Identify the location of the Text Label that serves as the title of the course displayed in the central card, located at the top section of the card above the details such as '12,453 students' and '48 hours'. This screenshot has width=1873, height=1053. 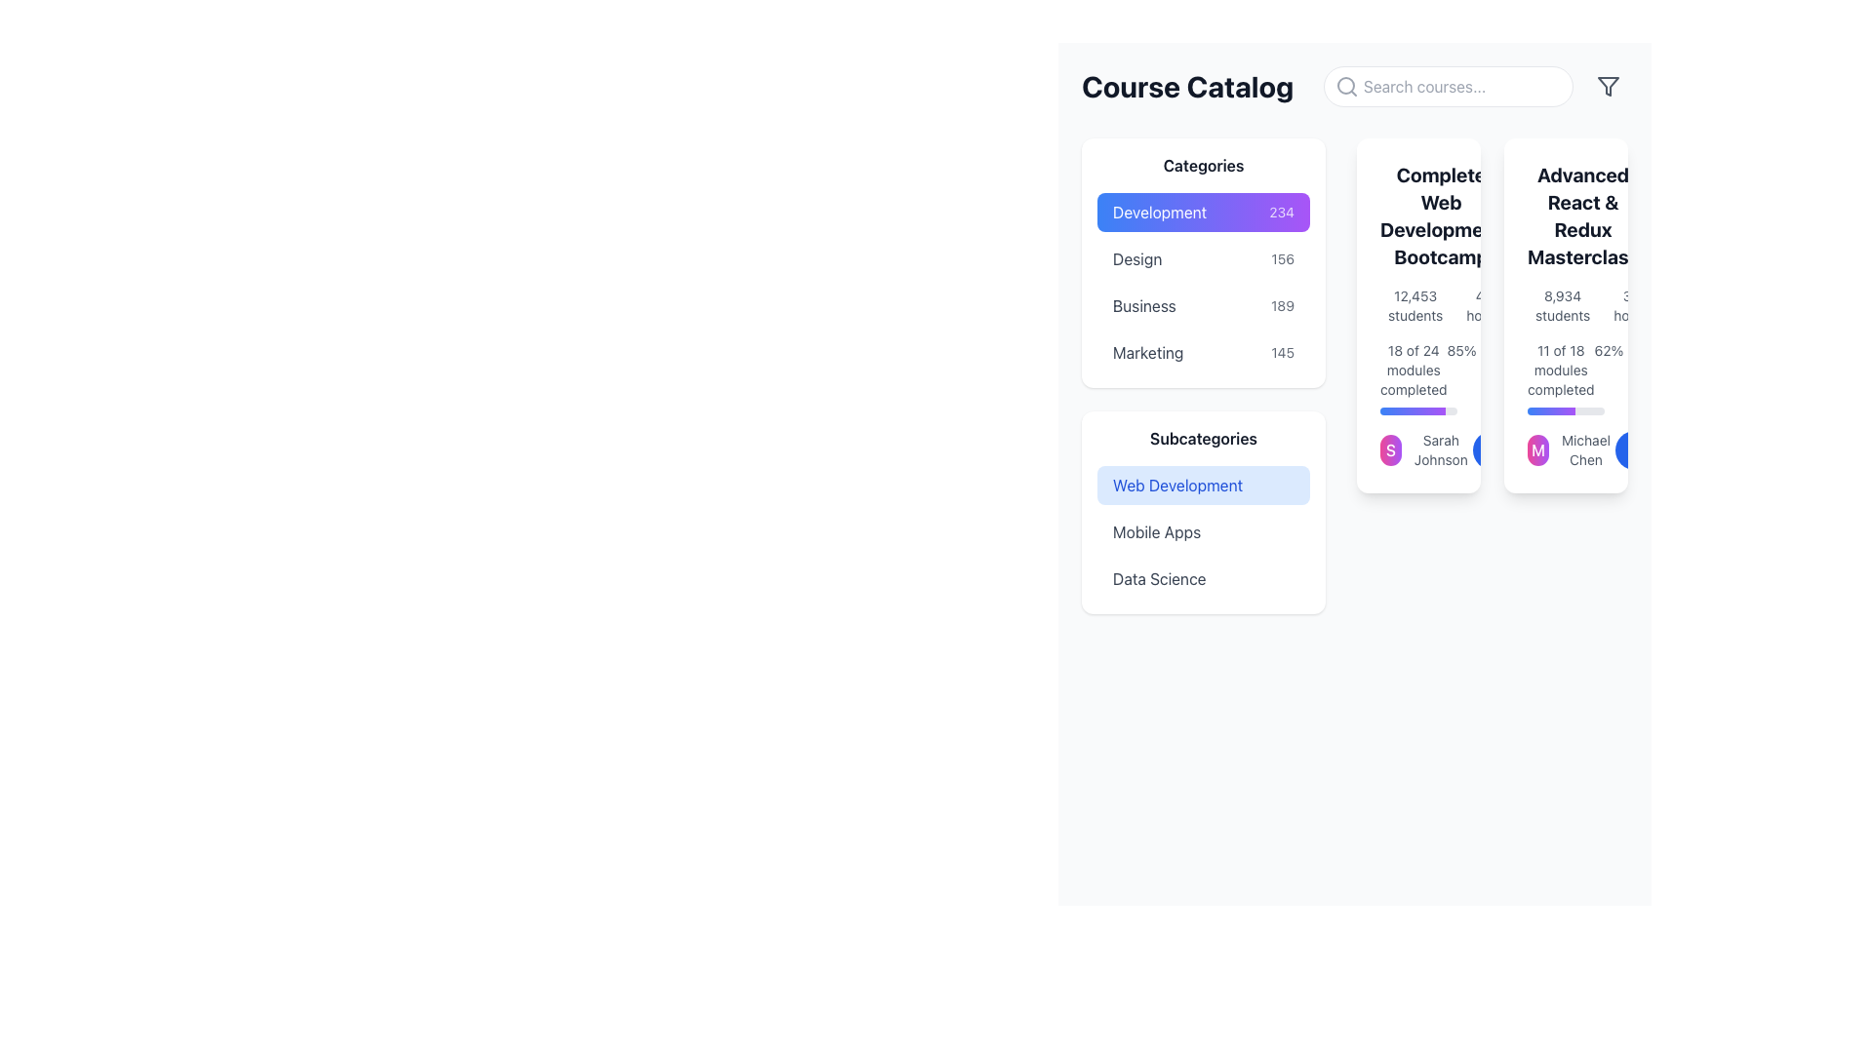
(1418, 216).